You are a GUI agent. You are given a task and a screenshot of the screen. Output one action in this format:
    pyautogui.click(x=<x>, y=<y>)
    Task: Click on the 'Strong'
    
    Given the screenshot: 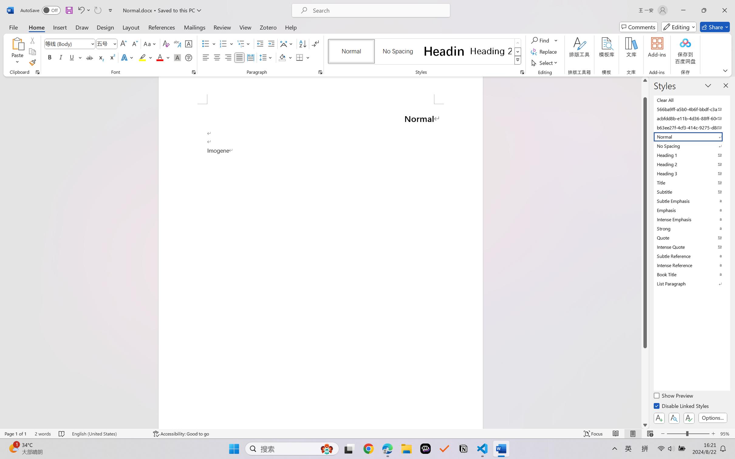 What is the action you would take?
    pyautogui.click(x=691, y=228)
    